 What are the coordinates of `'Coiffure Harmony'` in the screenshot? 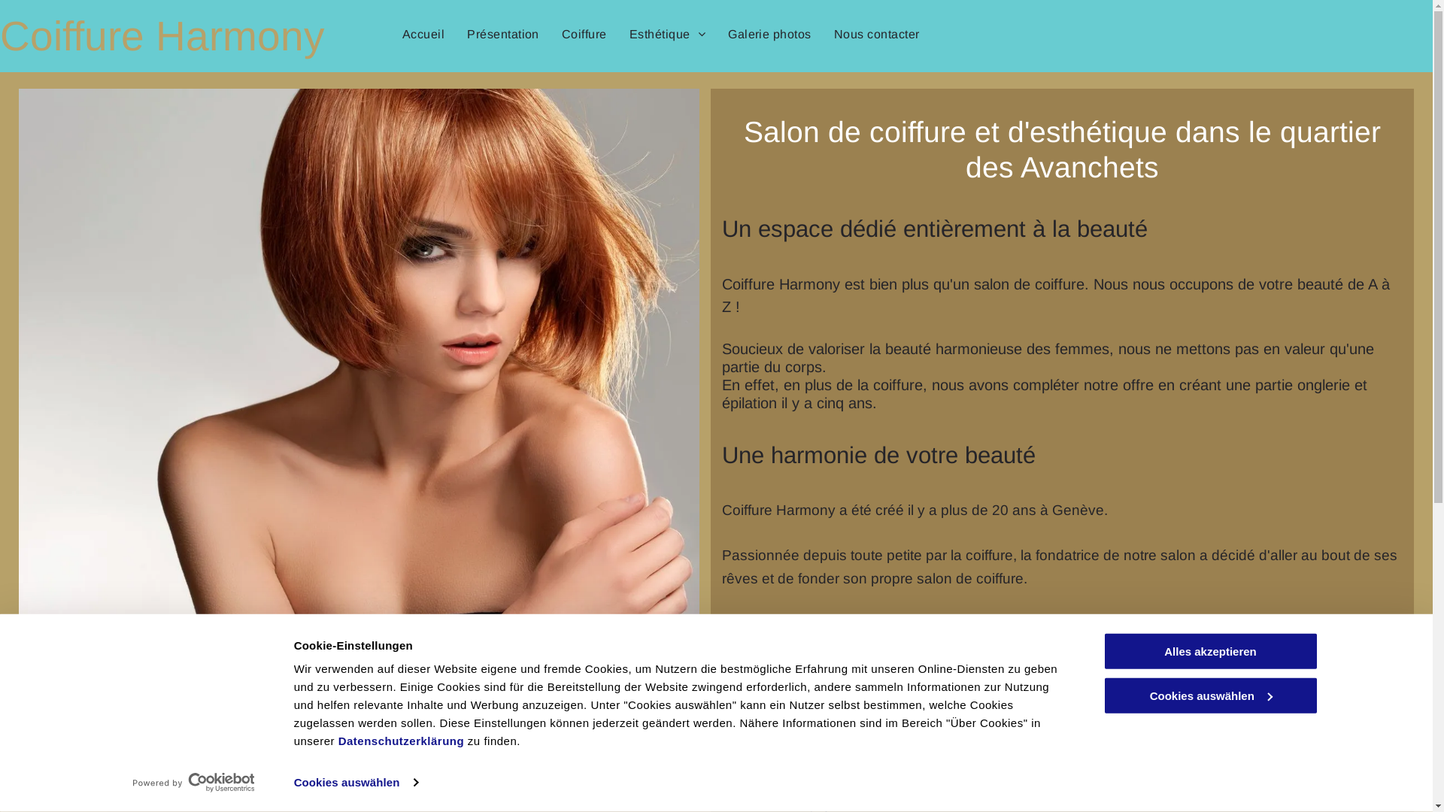 It's located at (162, 35).